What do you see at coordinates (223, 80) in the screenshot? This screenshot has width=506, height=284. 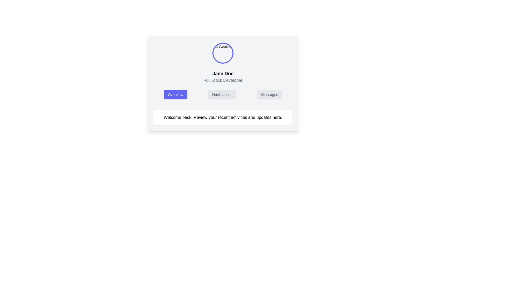 I see `the static text label that identifies the individual's occupation as 'Full Stack Developer', located beneath 'Jane Doe' and above the buttons labeled 'Overview', 'Notifications', and 'Messages'` at bounding box center [223, 80].